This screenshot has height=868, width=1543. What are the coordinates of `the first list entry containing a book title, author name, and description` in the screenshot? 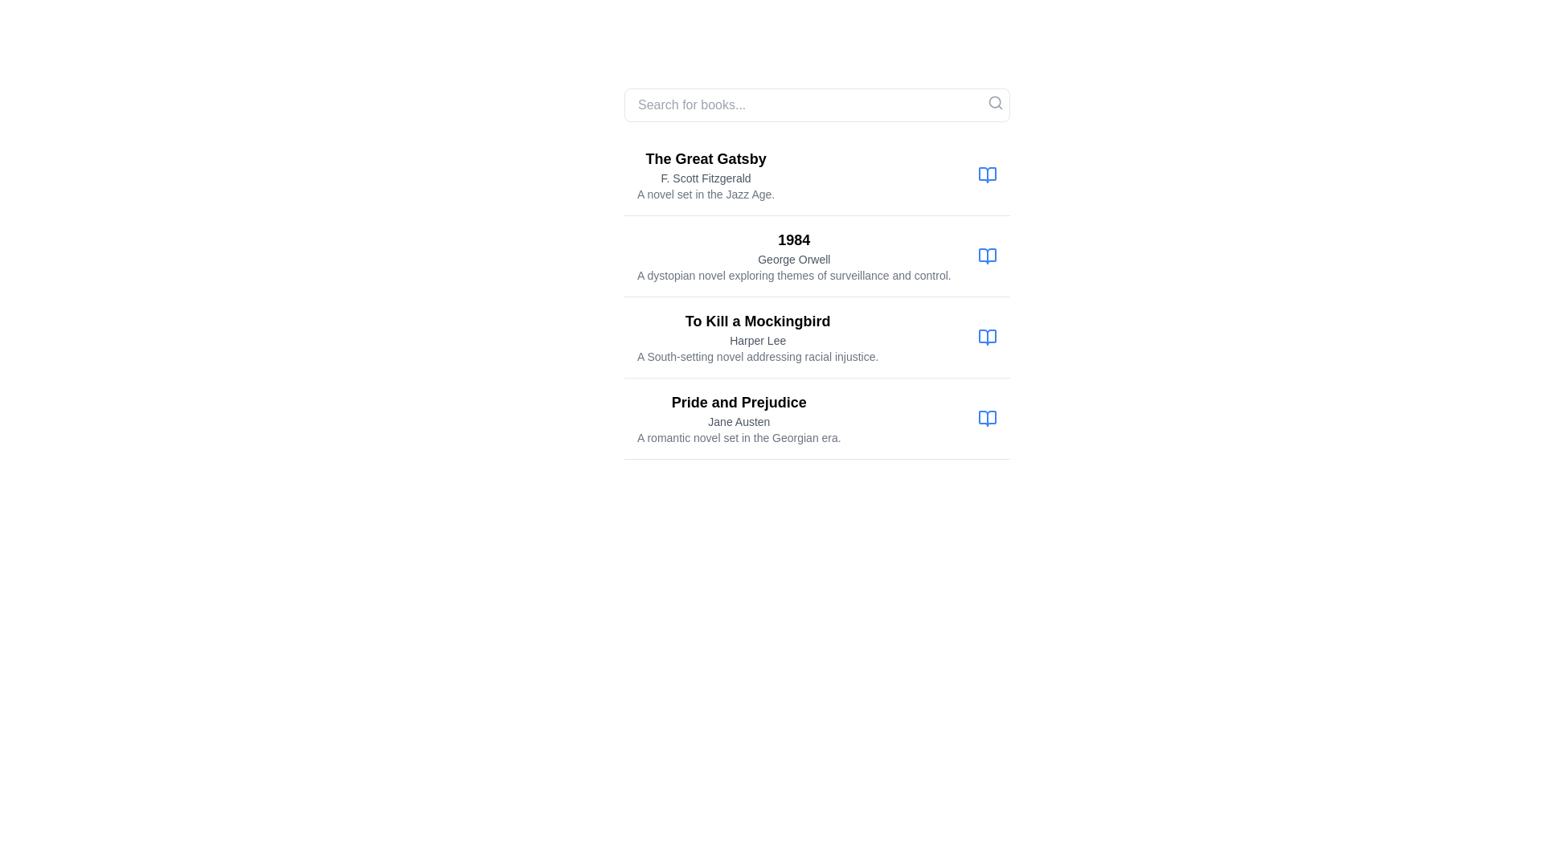 It's located at (817, 297).